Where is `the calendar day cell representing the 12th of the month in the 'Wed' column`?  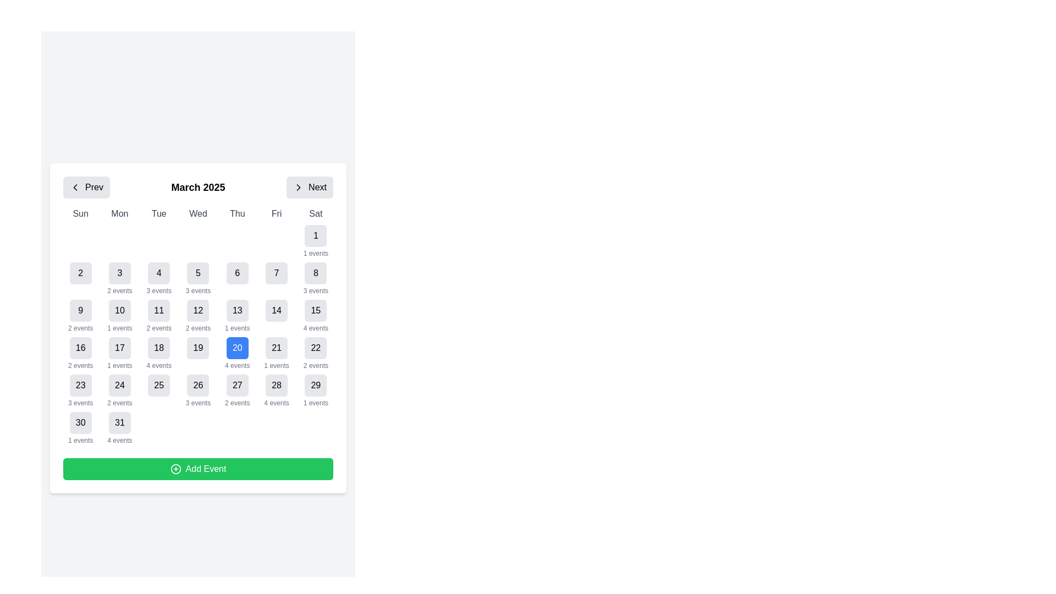 the calendar day cell representing the 12th of the month in the 'Wed' column is located at coordinates (198, 316).